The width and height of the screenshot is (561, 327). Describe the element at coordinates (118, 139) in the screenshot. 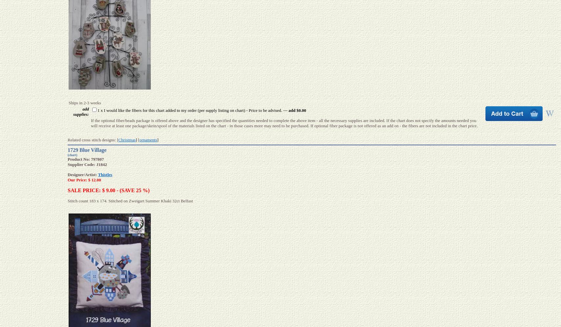

I see `'Christmas'` at that location.